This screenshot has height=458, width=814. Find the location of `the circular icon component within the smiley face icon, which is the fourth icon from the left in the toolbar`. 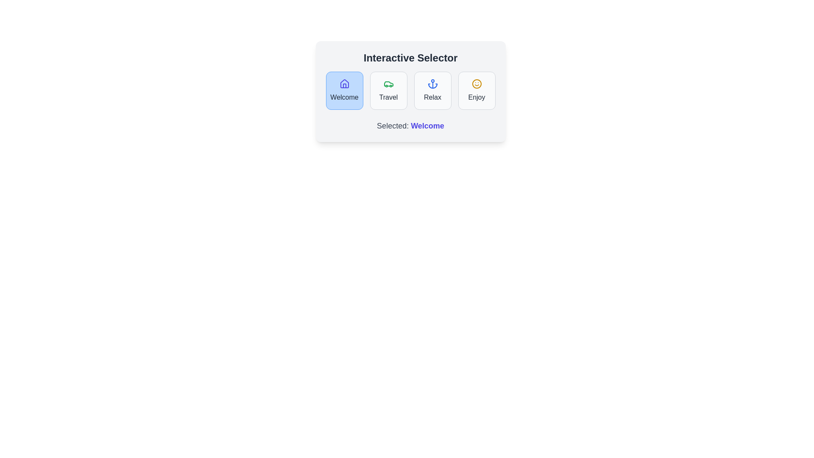

the circular icon component within the smiley face icon, which is the fourth icon from the left in the toolbar is located at coordinates (477, 84).